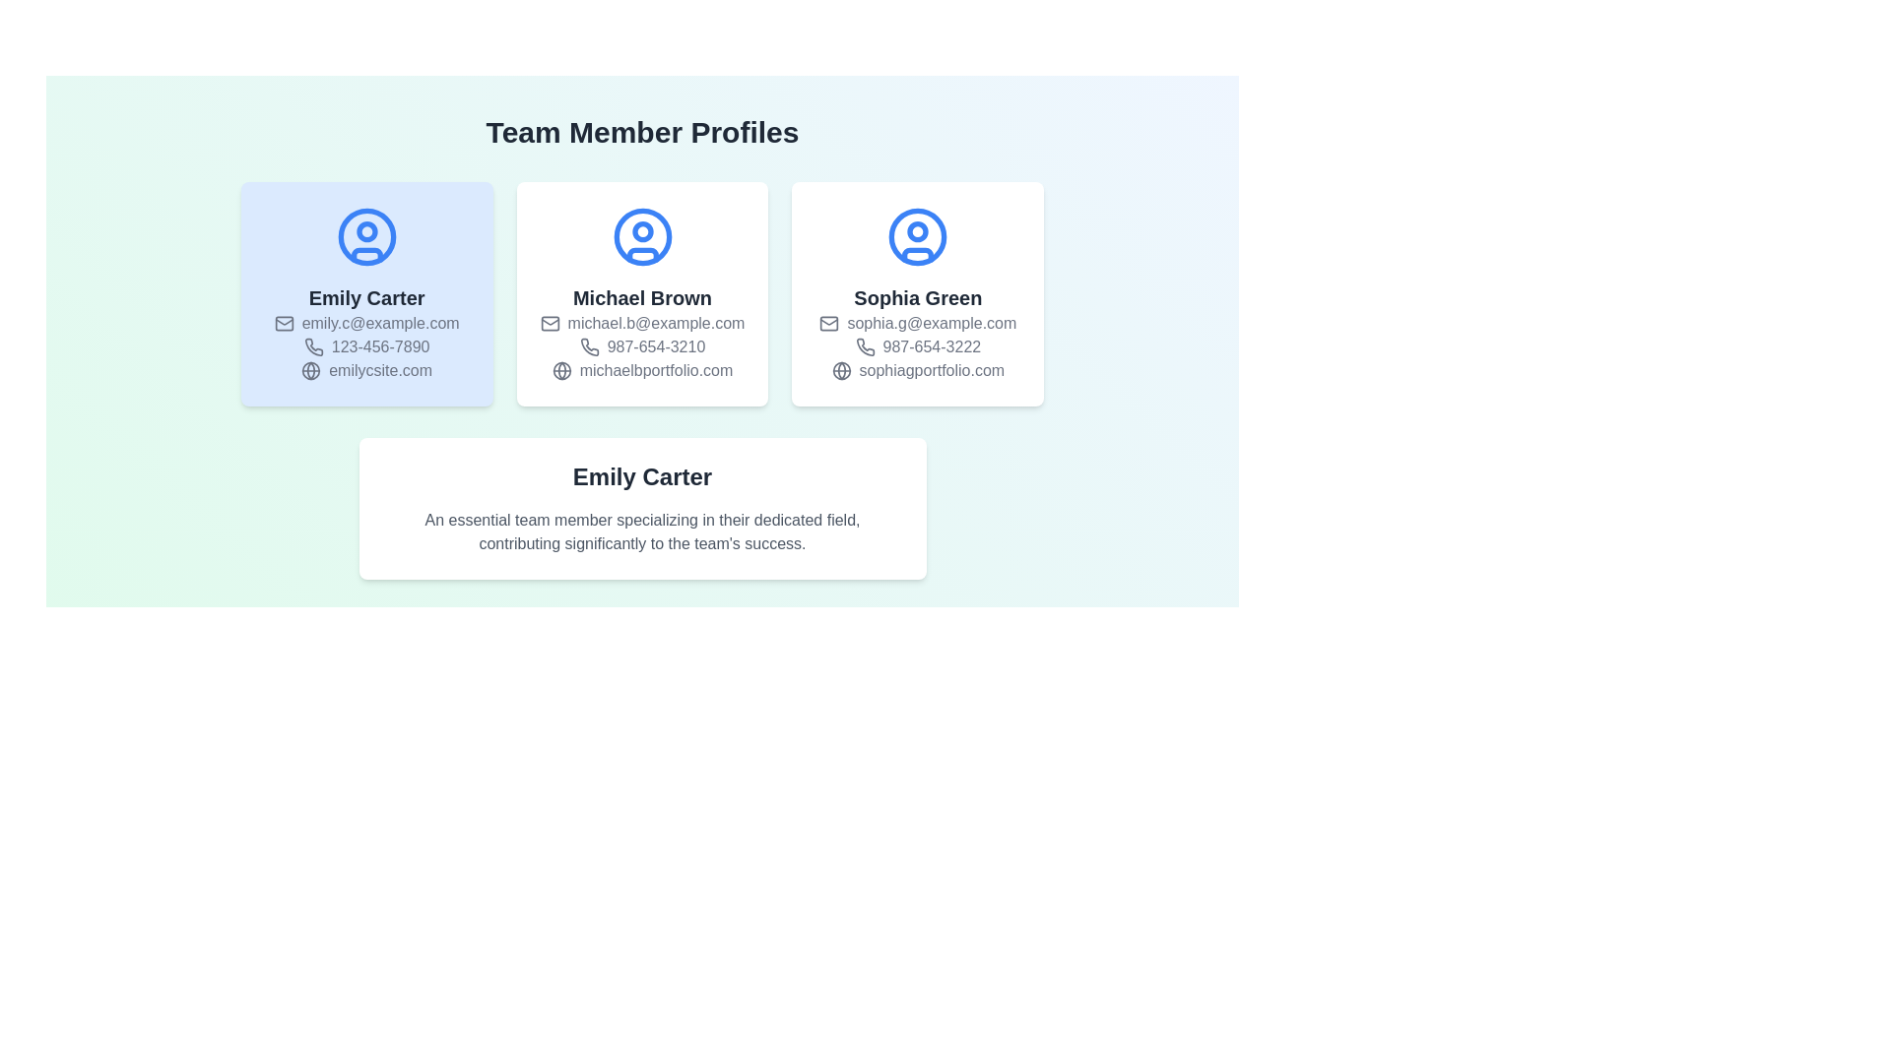 This screenshot has width=1891, height=1063. Describe the element at coordinates (917, 346) in the screenshot. I see `phone number label with icon located in the contact card for Sophia Green, which appears in gray text alongside a small phone icon` at that location.